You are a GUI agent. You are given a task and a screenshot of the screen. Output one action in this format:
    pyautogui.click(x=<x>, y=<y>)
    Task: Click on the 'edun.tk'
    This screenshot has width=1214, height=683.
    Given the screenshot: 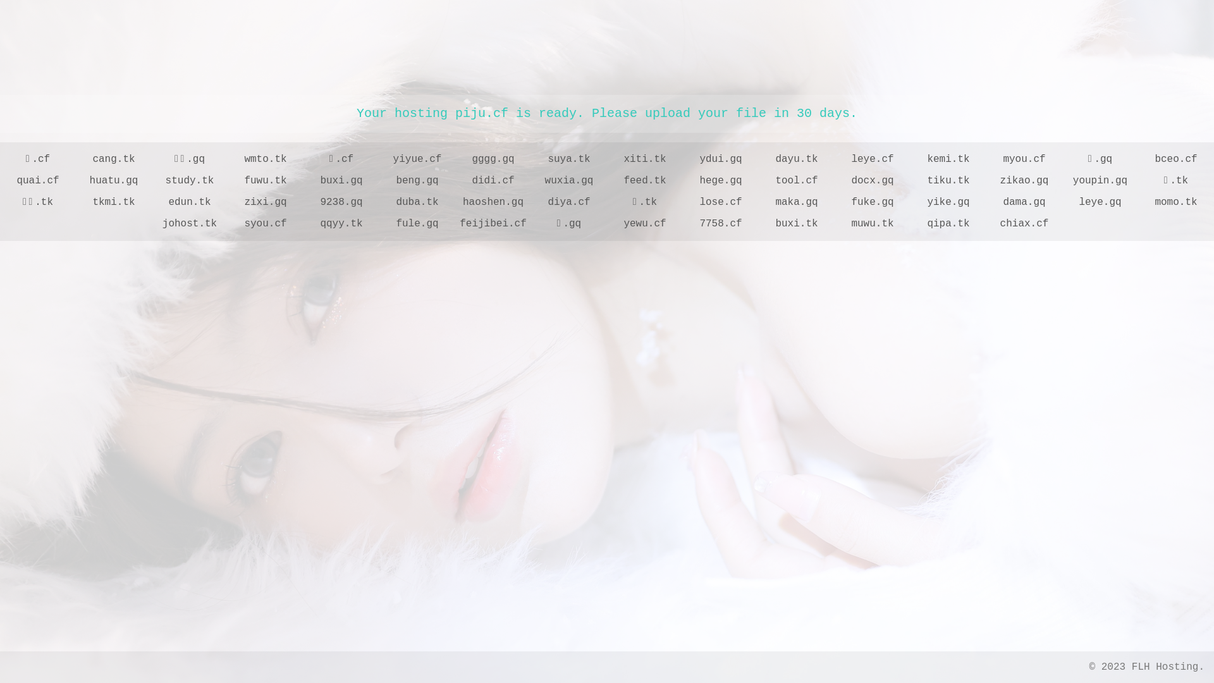 What is the action you would take?
    pyautogui.click(x=188, y=202)
    